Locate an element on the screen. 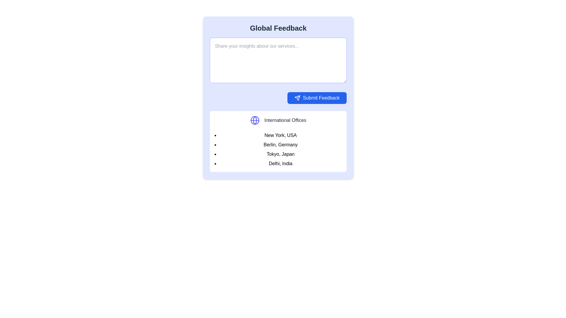  the rectangular blue button labeled 'Submit Feedback' that has a white paper airplane icon is located at coordinates (317, 97).